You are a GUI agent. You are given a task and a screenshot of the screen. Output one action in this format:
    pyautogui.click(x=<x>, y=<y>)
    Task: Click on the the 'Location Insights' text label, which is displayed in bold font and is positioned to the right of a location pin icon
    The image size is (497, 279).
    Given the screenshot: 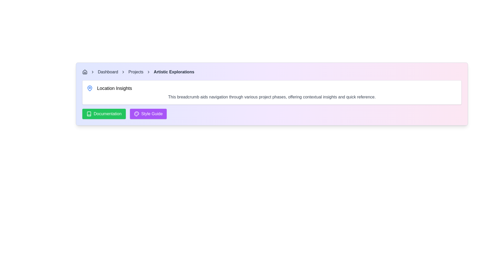 What is the action you would take?
    pyautogui.click(x=114, y=88)
    